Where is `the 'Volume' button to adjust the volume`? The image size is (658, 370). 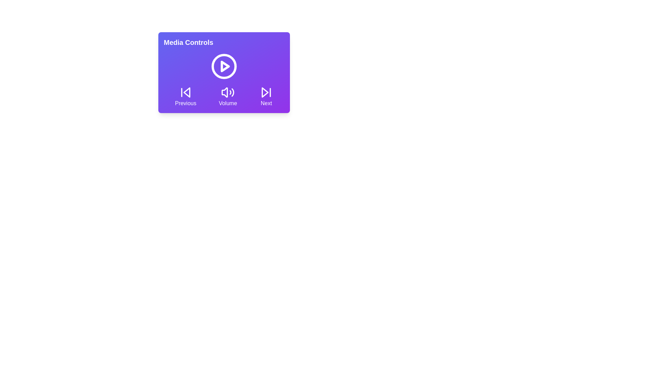
the 'Volume' button to adjust the volume is located at coordinates (228, 96).